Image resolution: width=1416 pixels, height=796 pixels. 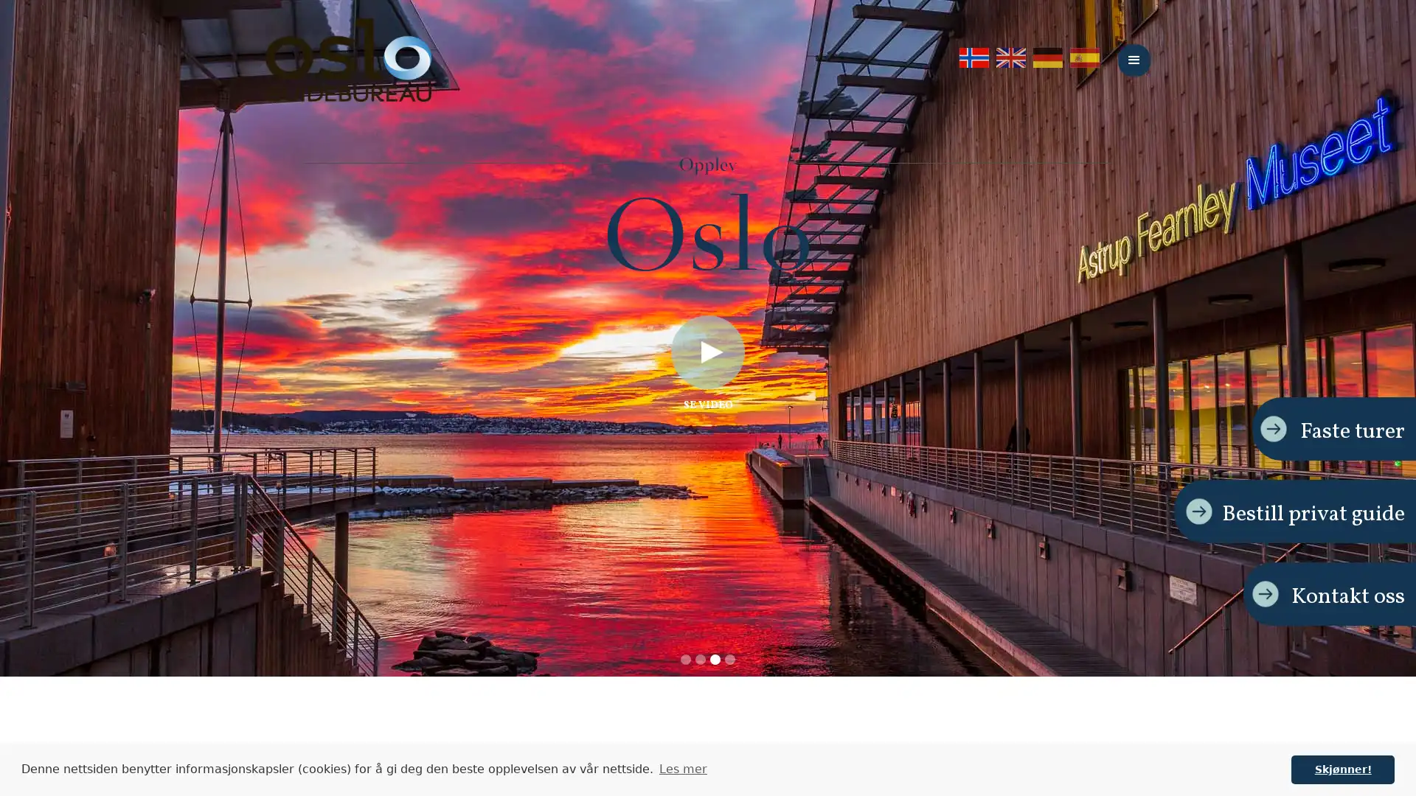 What do you see at coordinates (685, 658) in the screenshot?
I see `Show slide 1 of 4` at bounding box center [685, 658].